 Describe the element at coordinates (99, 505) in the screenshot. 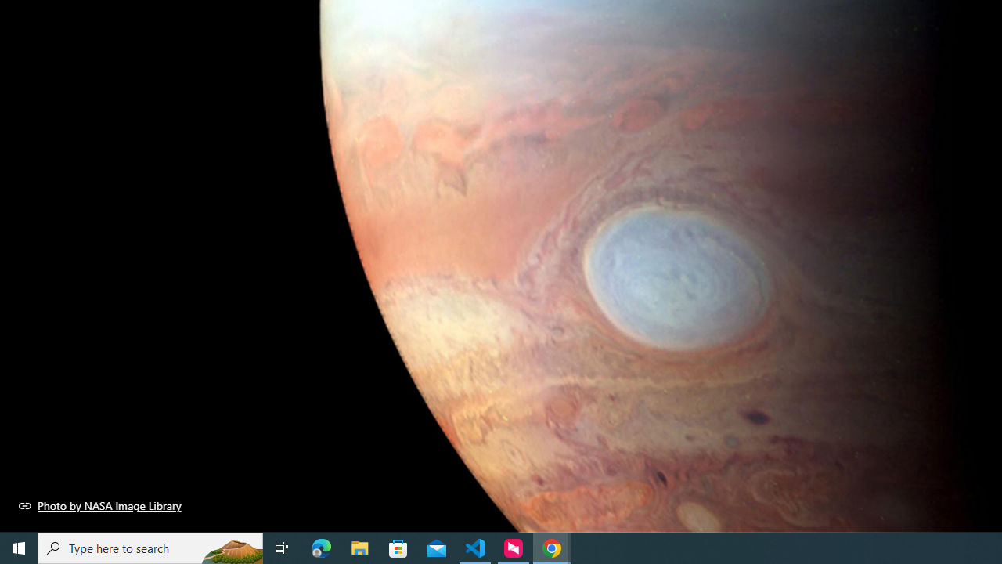

I see `'Photo by NASA Image Library'` at that location.